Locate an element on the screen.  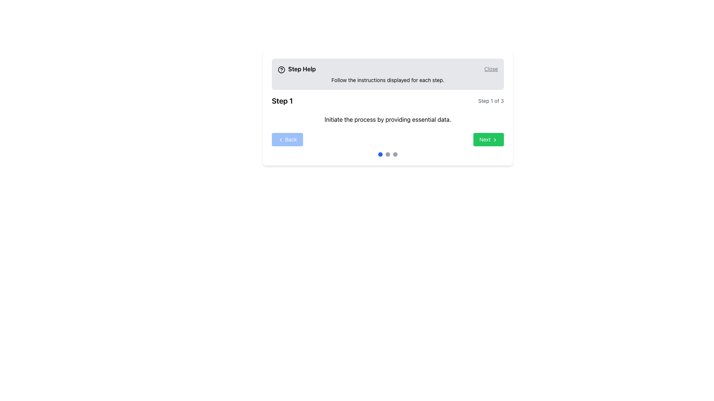
instructions displayed in the 'Step Help' informational notification box, which includes a bolded label and a description is located at coordinates (387, 74).